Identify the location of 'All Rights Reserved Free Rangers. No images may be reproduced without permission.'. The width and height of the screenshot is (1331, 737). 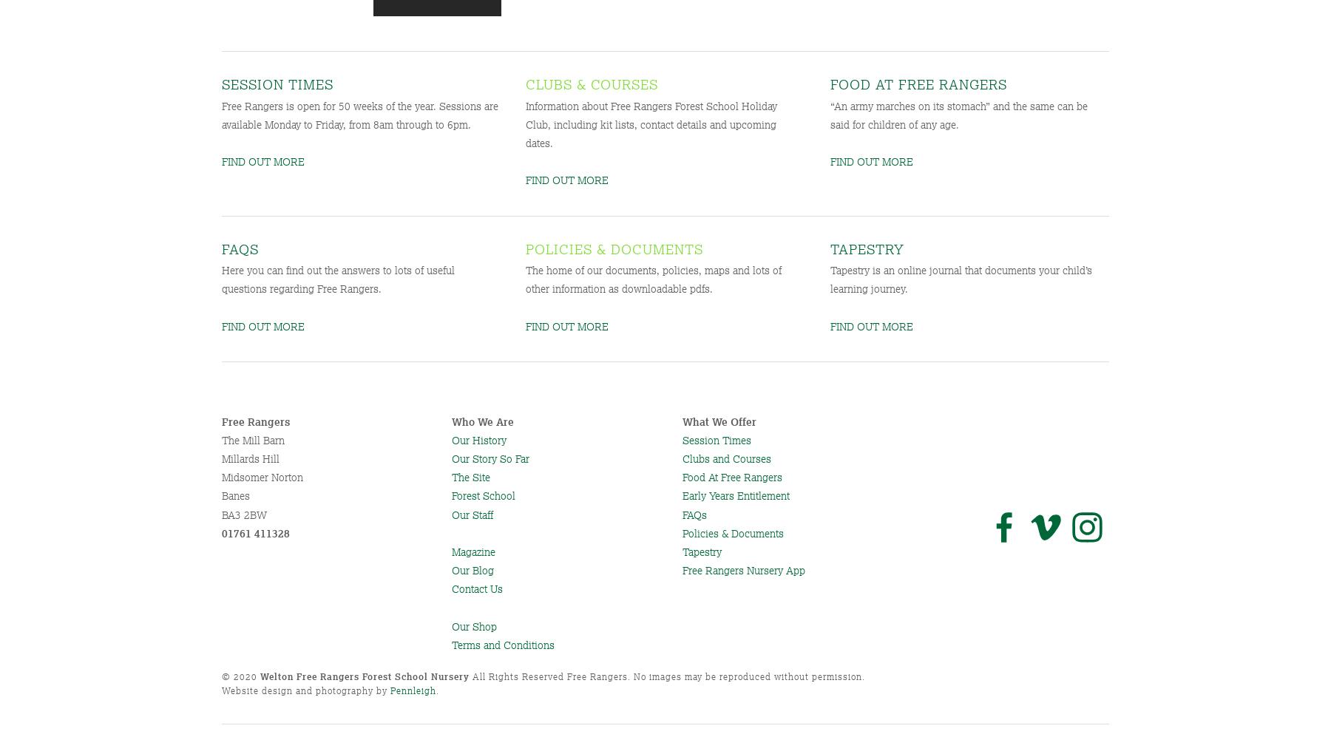
(666, 676).